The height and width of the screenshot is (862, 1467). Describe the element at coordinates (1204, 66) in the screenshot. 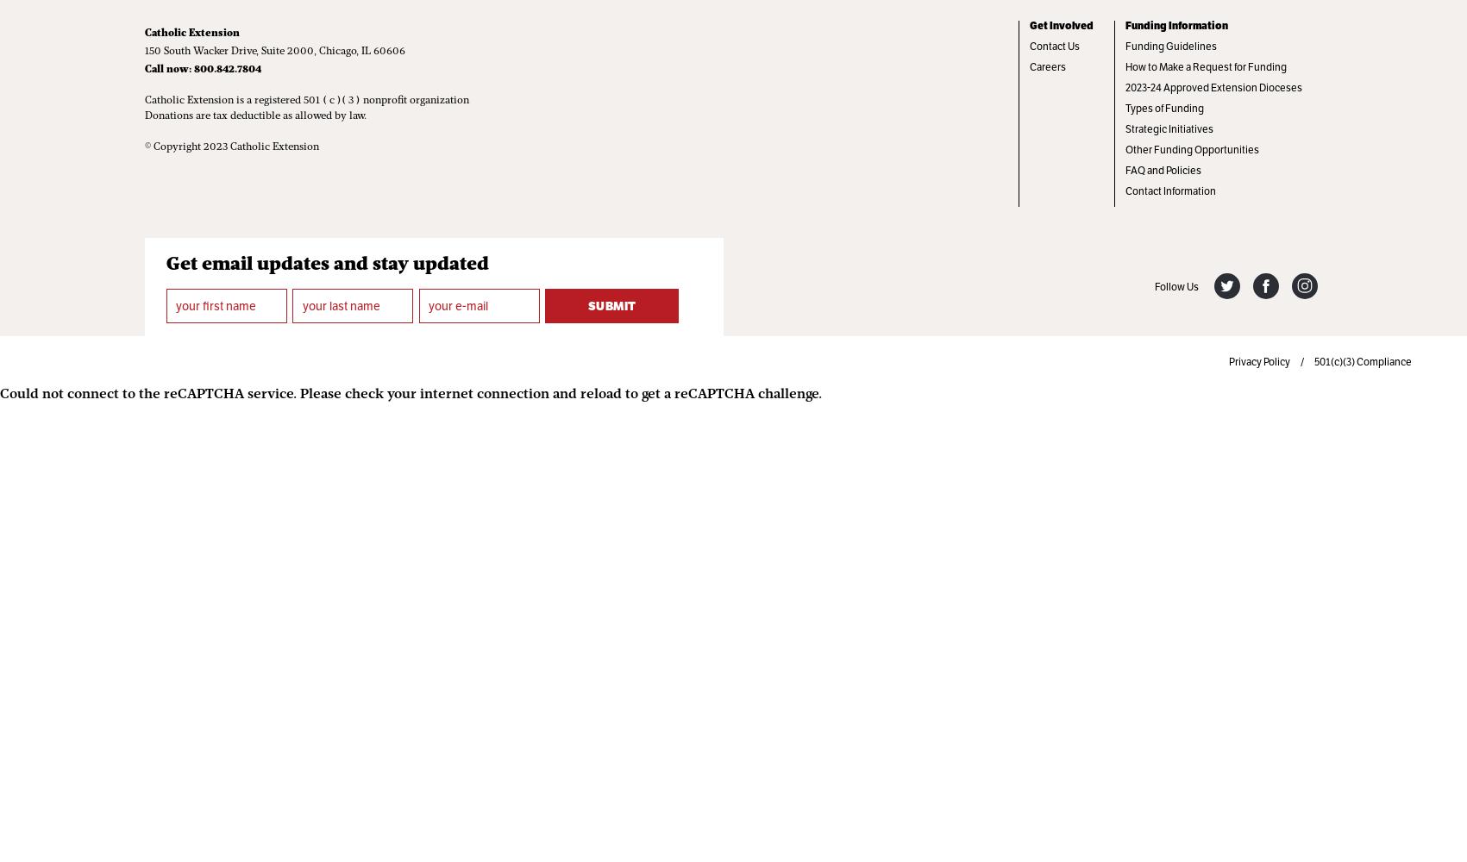

I see `'How to Make a Request for Funding'` at that location.